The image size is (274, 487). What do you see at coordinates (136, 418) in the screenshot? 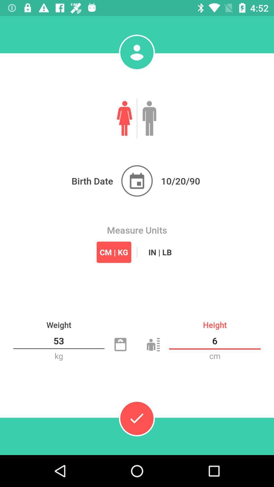
I see `done the option` at bounding box center [136, 418].